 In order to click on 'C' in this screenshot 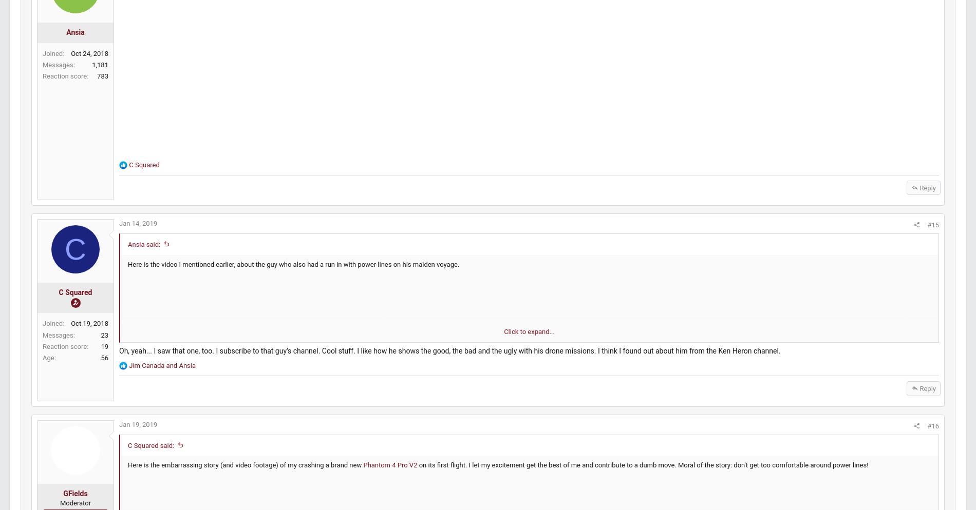, I will do `click(99, 259)`.